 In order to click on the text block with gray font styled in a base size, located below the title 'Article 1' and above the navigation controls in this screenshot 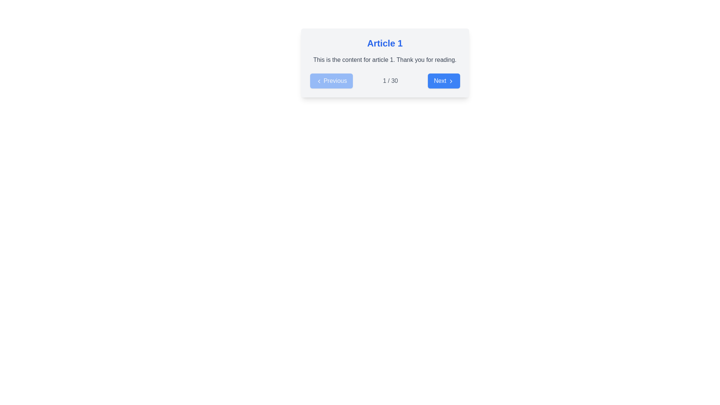, I will do `click(385, 59)`.